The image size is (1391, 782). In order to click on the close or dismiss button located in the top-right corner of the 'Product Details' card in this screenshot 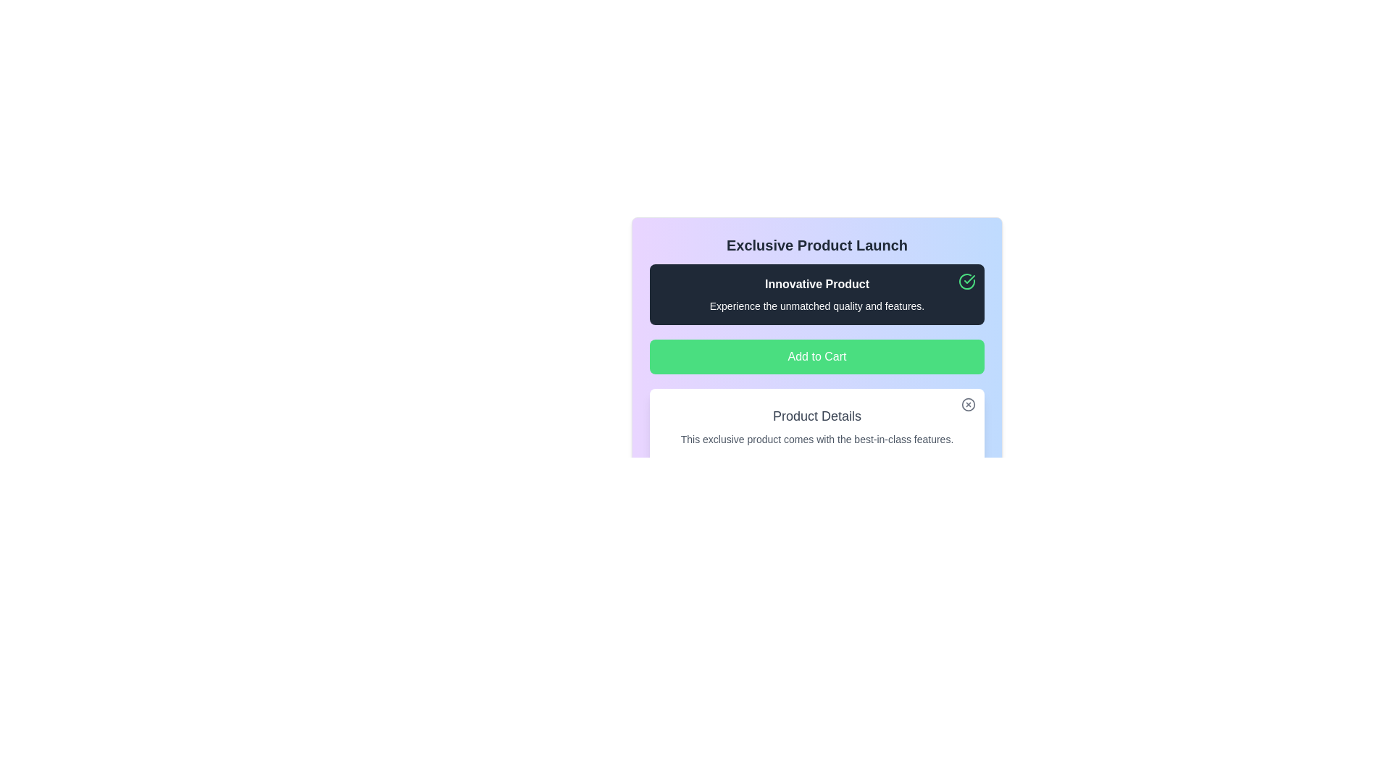, I will do `click(969, 405)`.